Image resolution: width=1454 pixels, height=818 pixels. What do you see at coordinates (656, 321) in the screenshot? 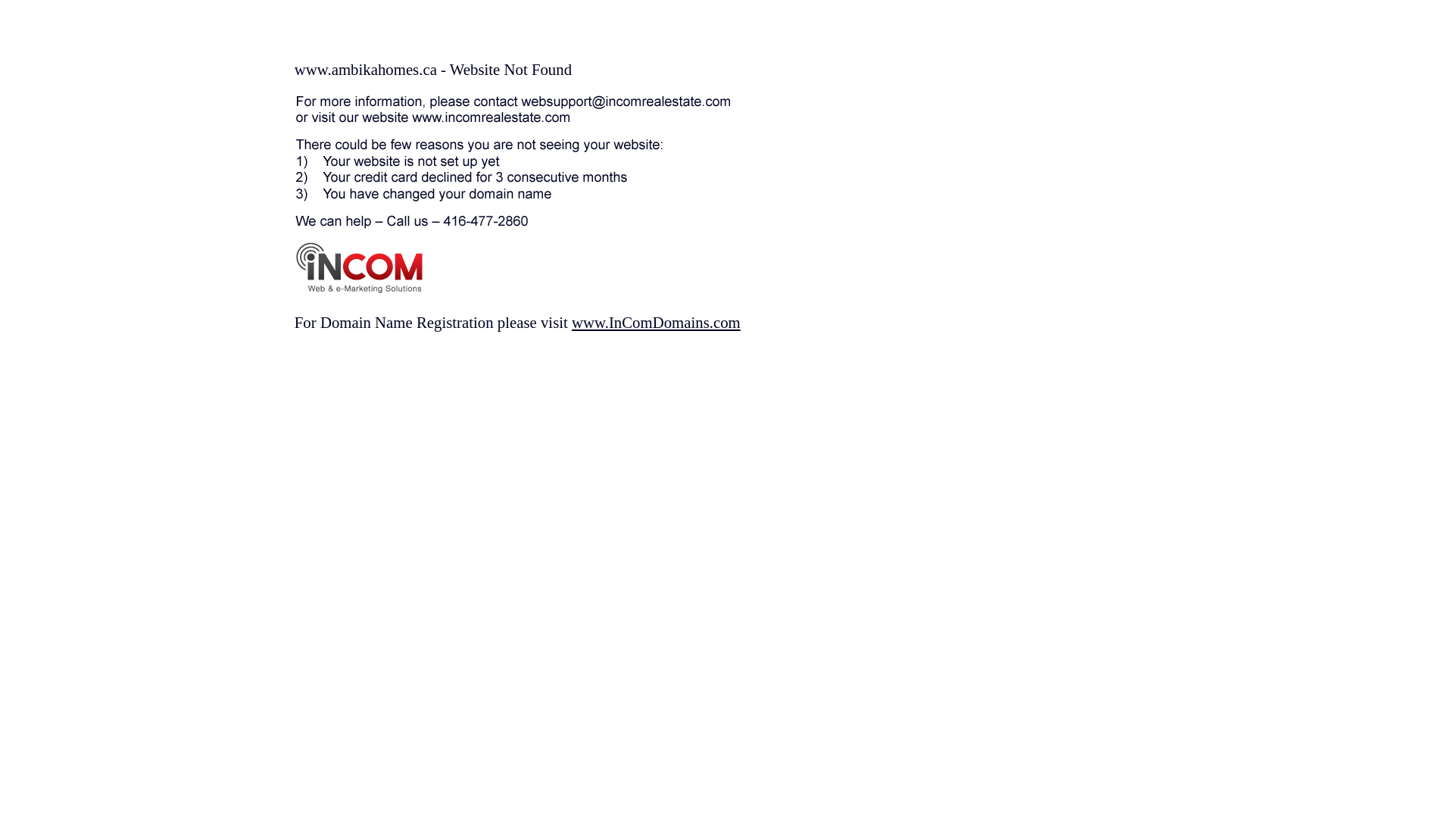
I see `'www.InComDomains.com'` at bounding box center [656, 321].